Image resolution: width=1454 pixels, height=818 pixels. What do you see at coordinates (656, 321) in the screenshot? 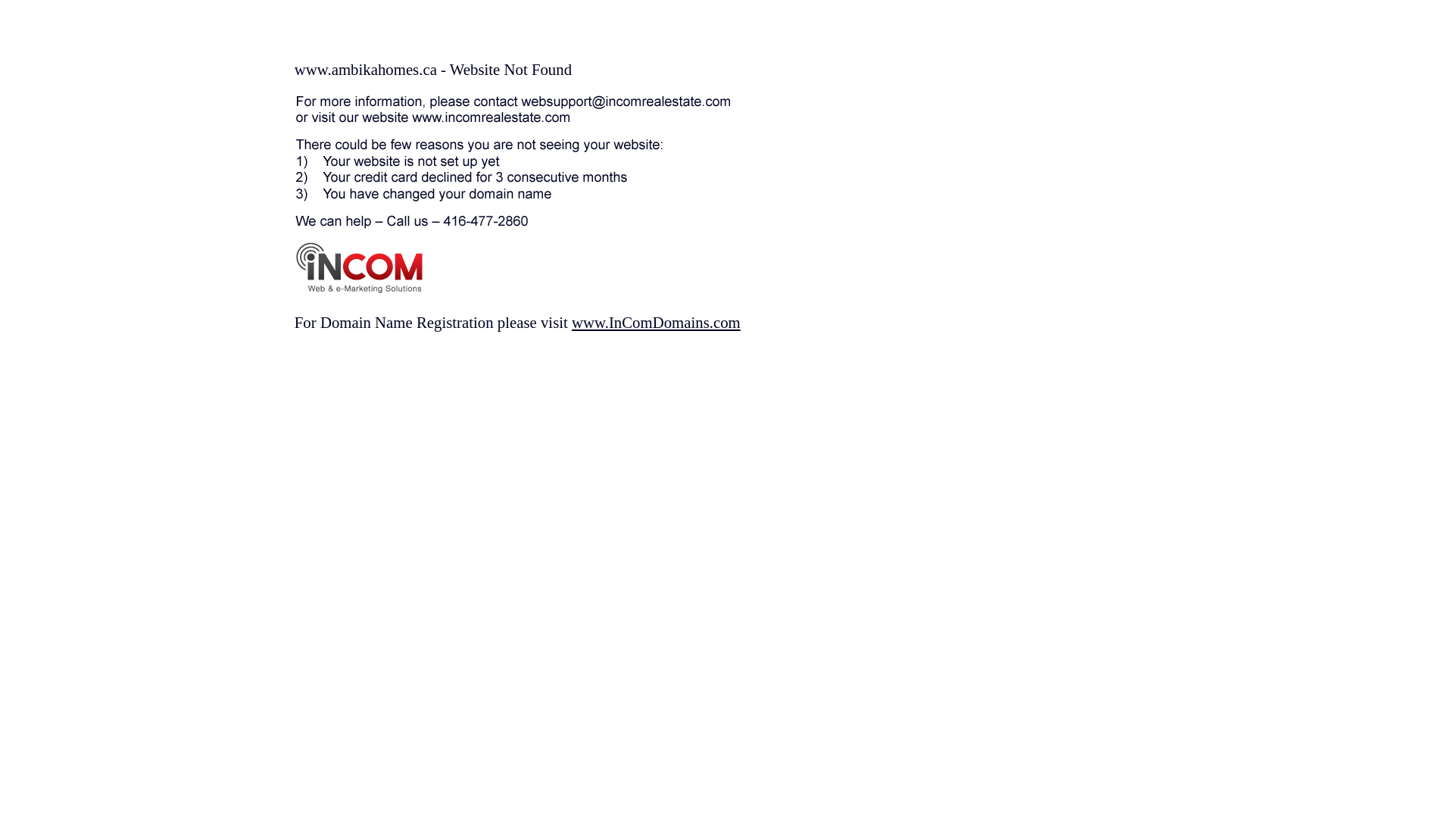
I see `'www.InComDomains.com'` at bounding box center [656, 321].